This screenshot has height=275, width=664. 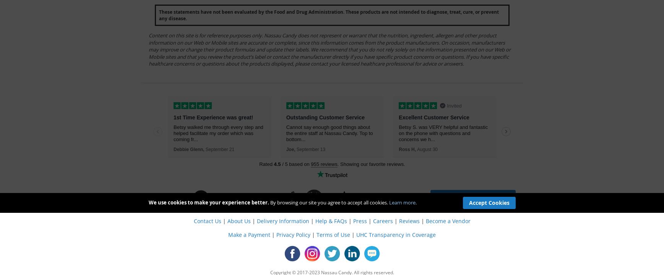 What do you see at coordinates (328, 15) in the screenshot?
I see `'These statements have not been evaluated by the Food and Drug Administration. 
These products are not intended to diagnose, treat, cure, or prevent any disease.'` at bounding box center [328, 15].